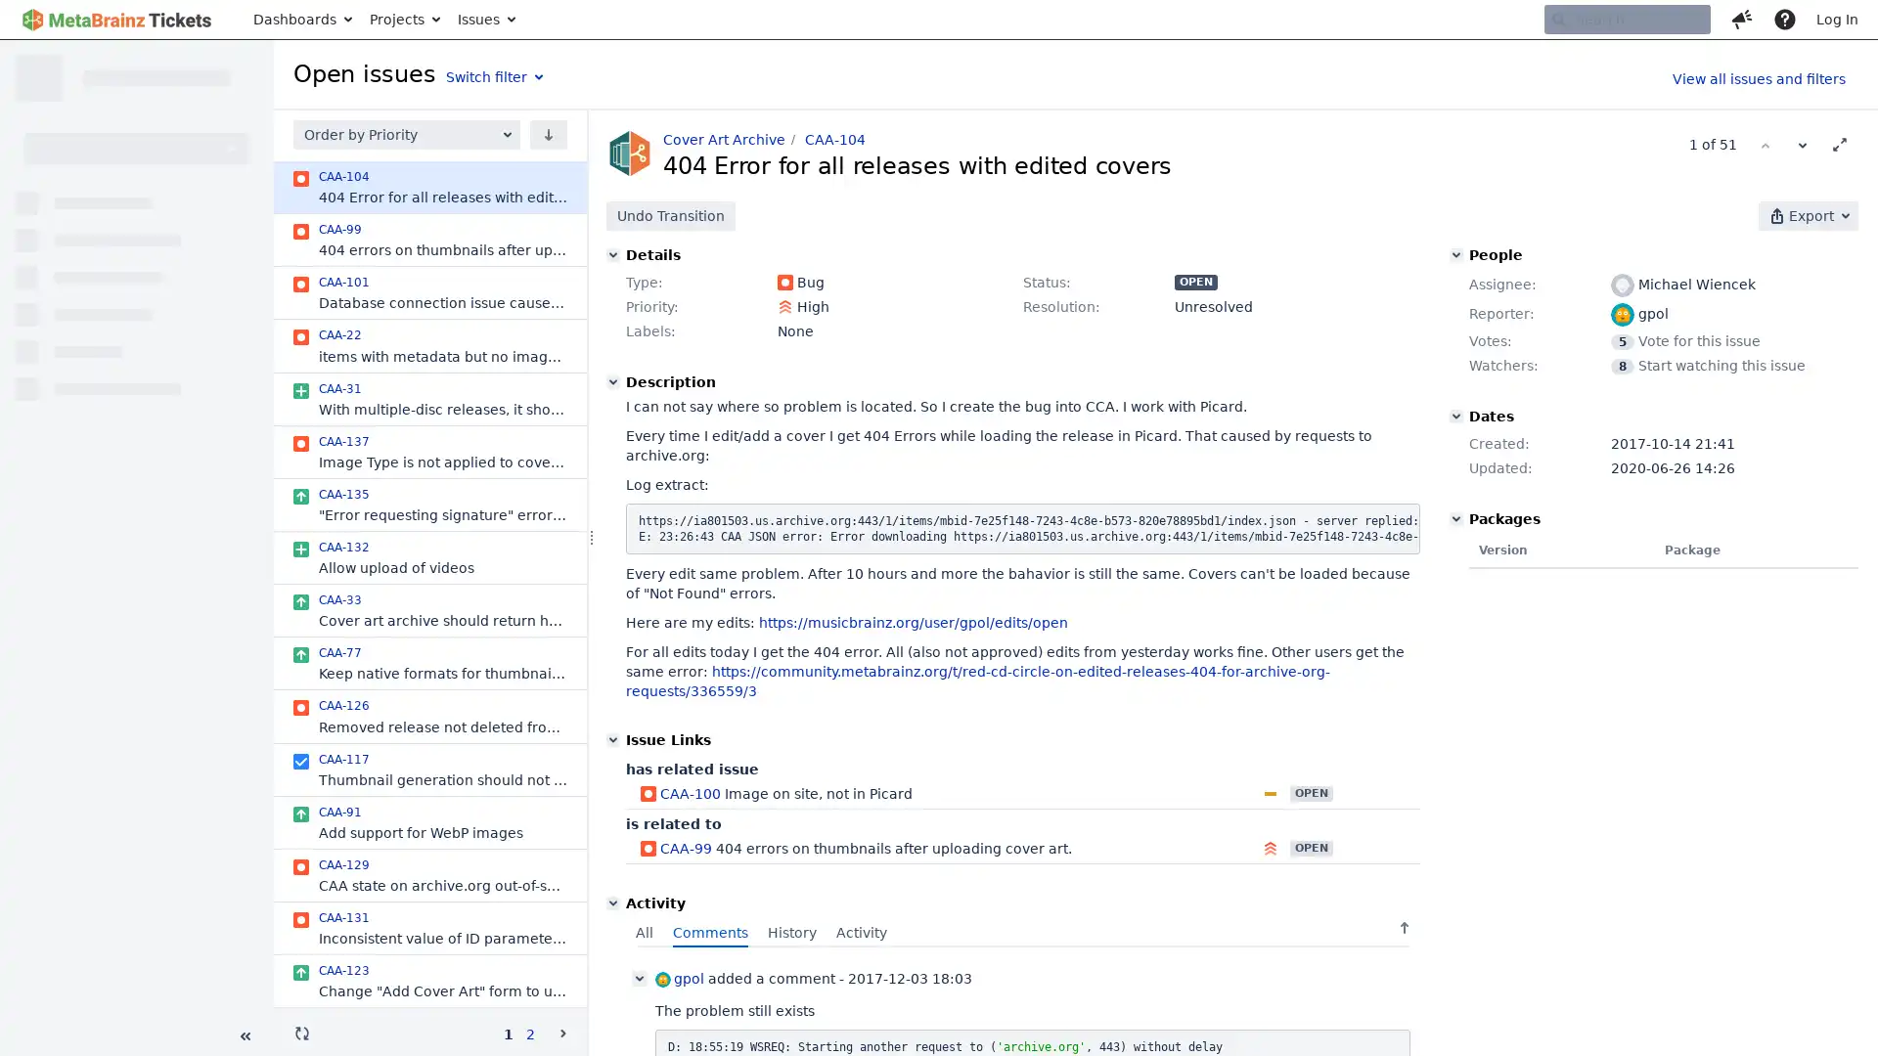 This screenshot has height=1056, width=1878. I want to click on Description, so click(612, 381).